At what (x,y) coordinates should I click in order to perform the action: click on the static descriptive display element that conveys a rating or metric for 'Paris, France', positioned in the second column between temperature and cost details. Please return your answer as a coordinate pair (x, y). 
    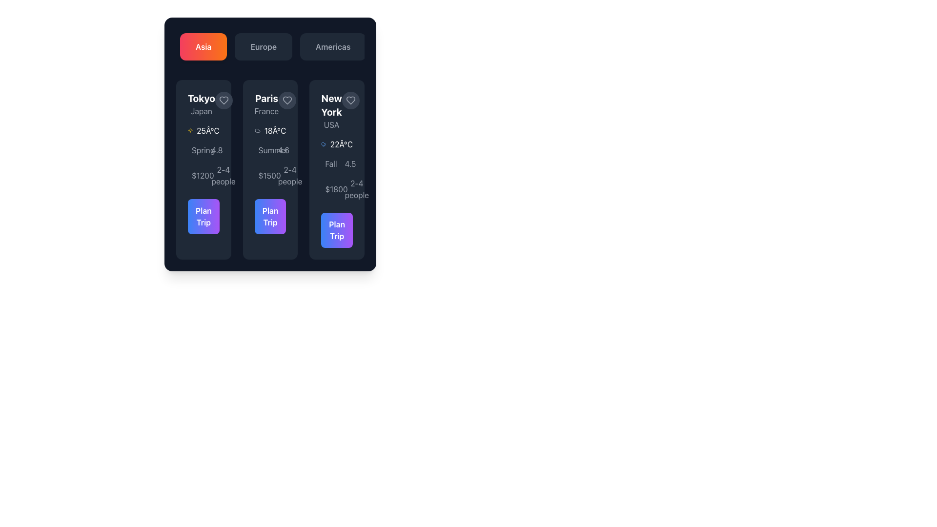
    Looking at the image, I should click on (280, 150).